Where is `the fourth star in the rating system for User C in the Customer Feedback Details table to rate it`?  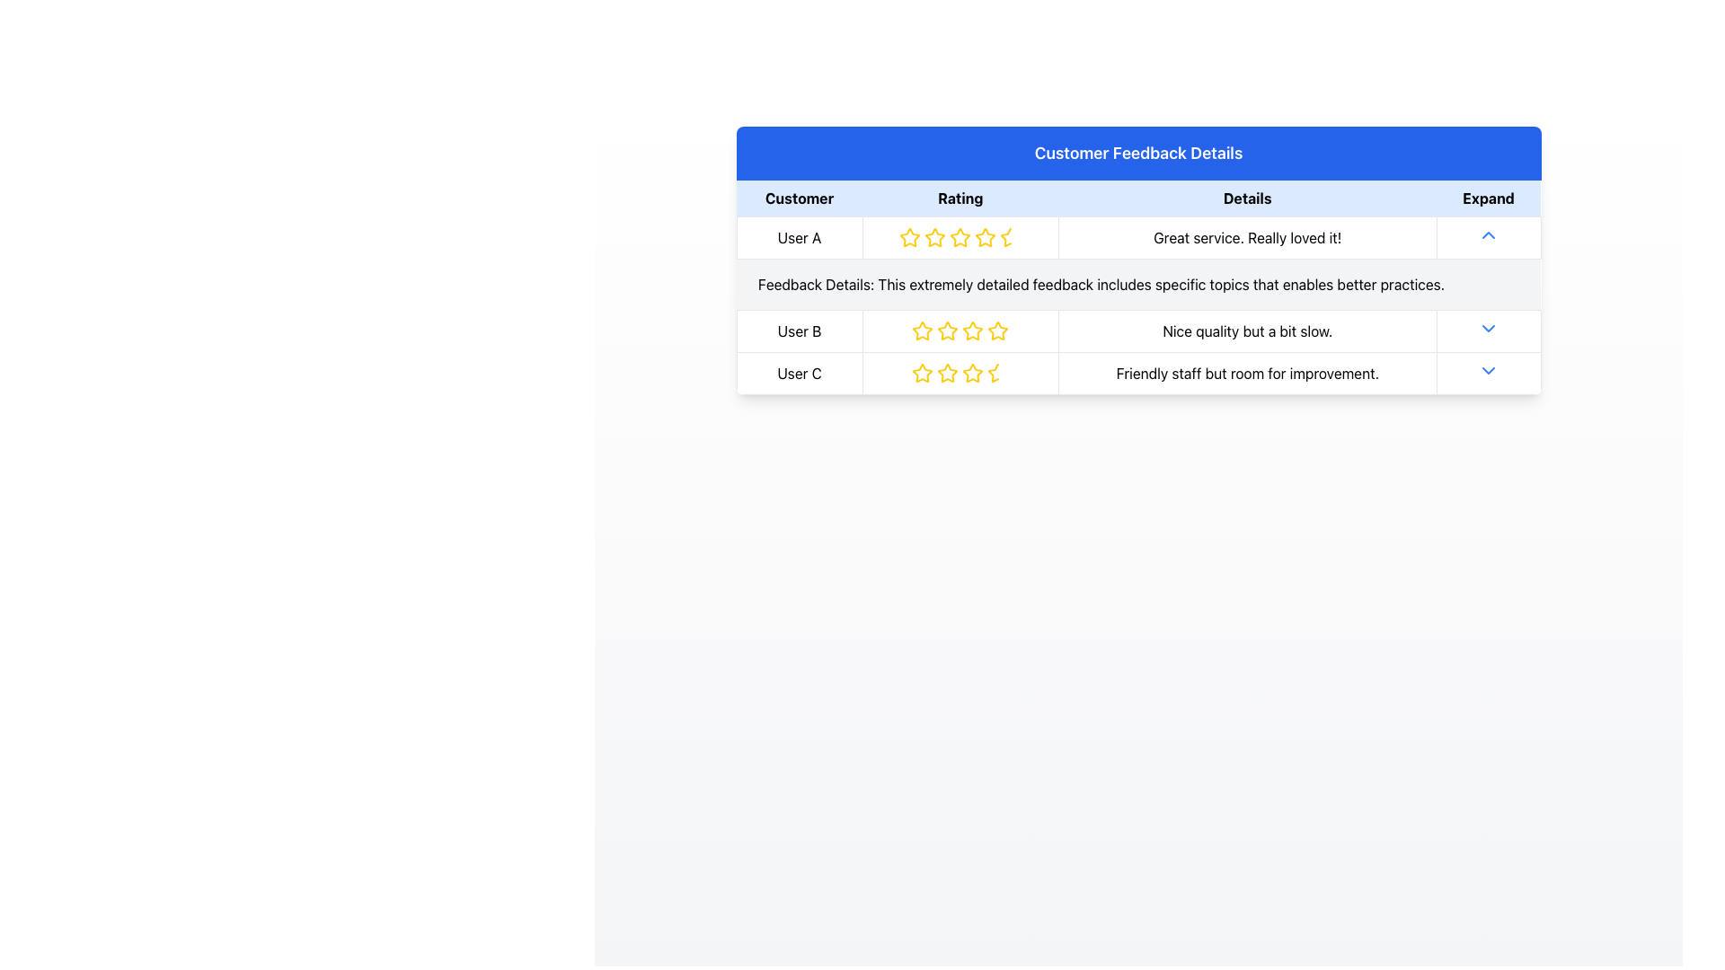 the fourth star in the rating system for User C in the Customer Feedback Details table to rate it is located at coordinates (972, 372).